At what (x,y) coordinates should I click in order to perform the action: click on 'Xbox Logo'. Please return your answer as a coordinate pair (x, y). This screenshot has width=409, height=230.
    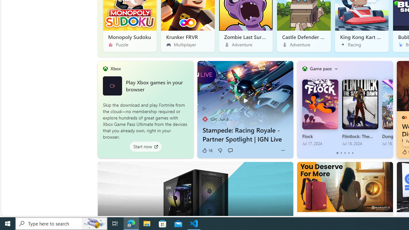
    Looking at the image, I should click on (112, 85).